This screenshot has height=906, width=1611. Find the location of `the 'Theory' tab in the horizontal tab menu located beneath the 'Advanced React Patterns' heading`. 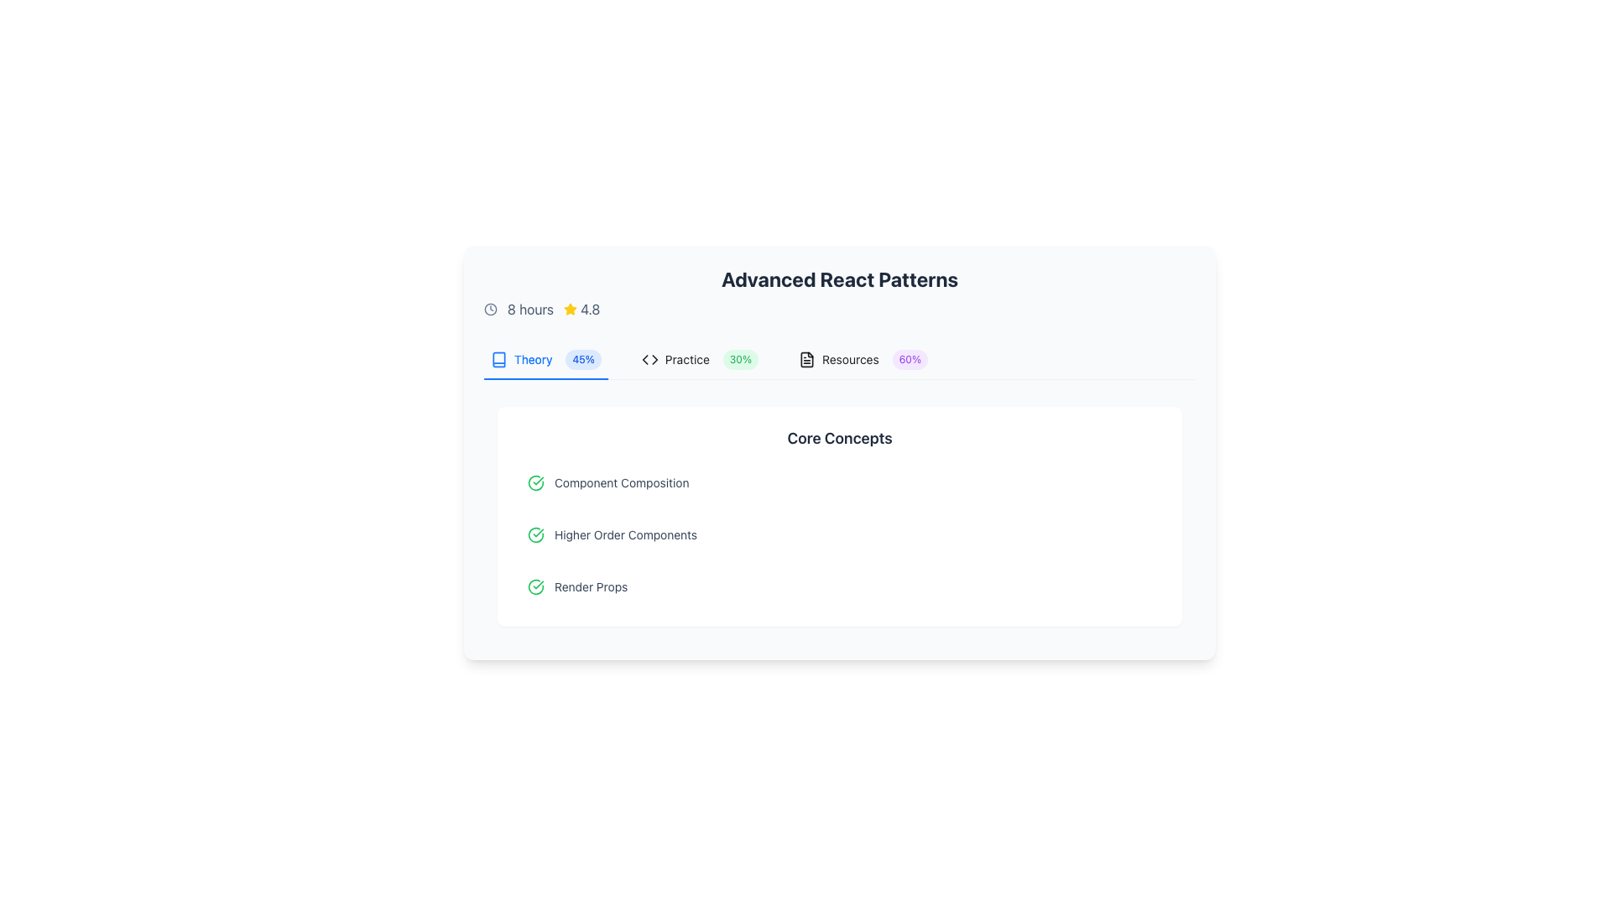

the 'Theory' tab in the horizontal tab menu located beneath the 'Advanced React Patterns' heading is located at coordinates (545, 358).